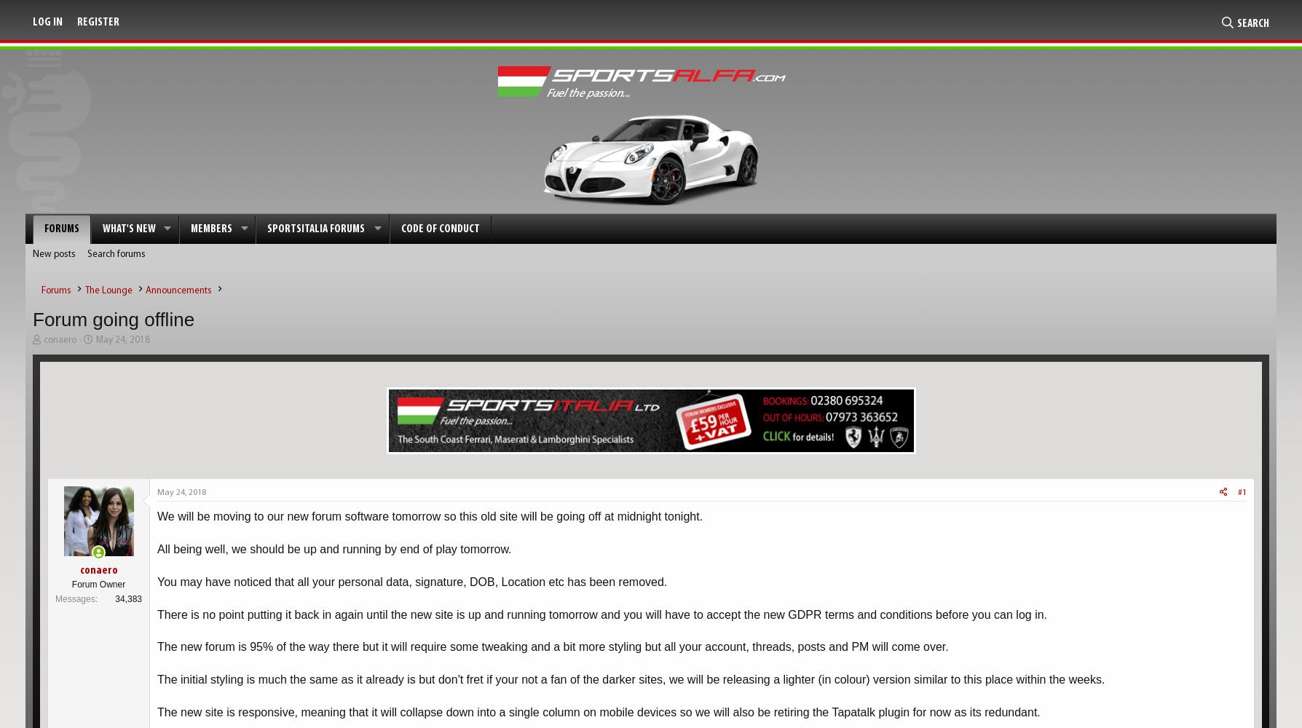 The width and height of the screenshot is (1302, 728). What do you see at coordinates (129, 229) in the screenshot?
I see `'What's new'` at bounding box center [129, 229].